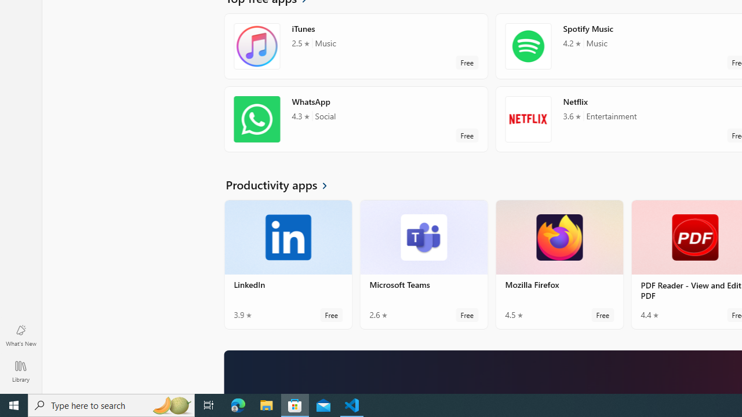  What do you see at coordinates (20, 335) in the screenshot?
I see `'What'` at bounding box center [20, 335].